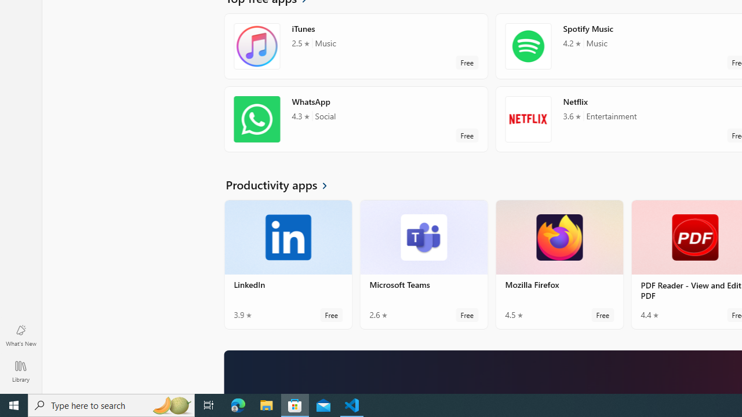  What do you see at coordinates (20, 335) in the screenshot?
I see `'What'` at bounding box center [20, 335].